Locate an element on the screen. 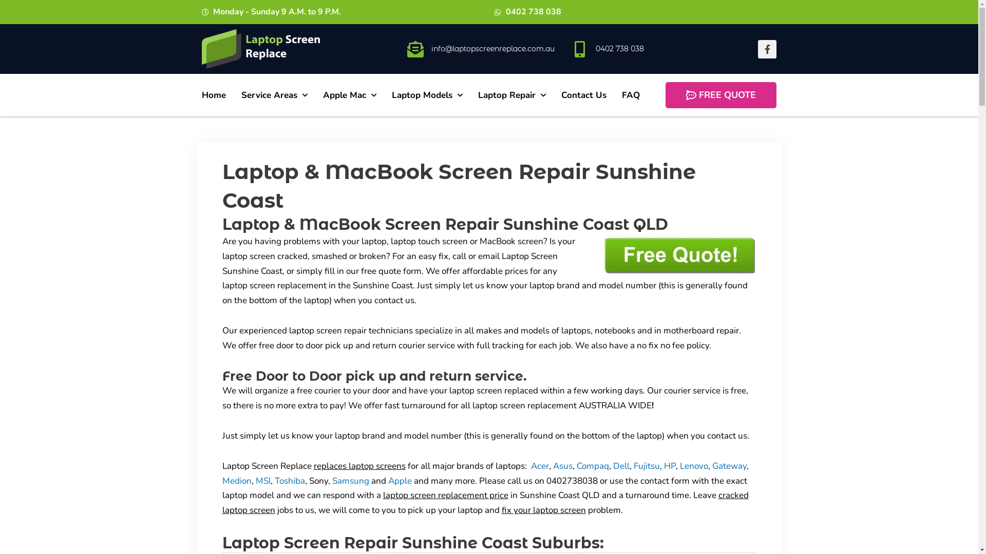 The image size is (986, 554). 'Asus' is located at coordinates (561, 466).